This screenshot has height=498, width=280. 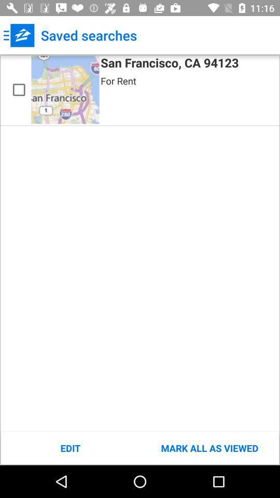 I want to click on the san francisco ca item, so click(x=170, y=64).